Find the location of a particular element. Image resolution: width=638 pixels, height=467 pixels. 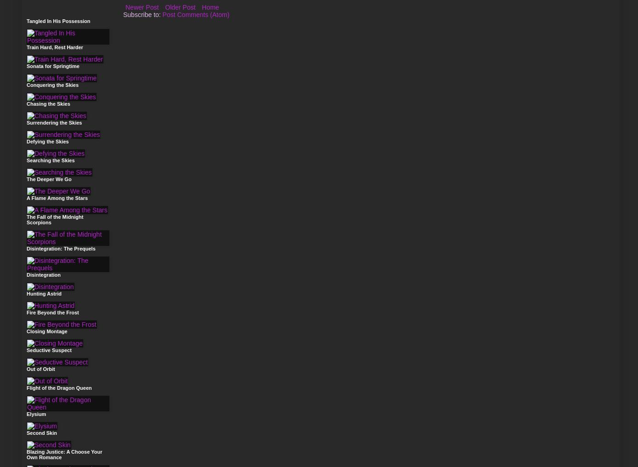

'Post Comments (Atom)' is located at coordinates (195, 14).